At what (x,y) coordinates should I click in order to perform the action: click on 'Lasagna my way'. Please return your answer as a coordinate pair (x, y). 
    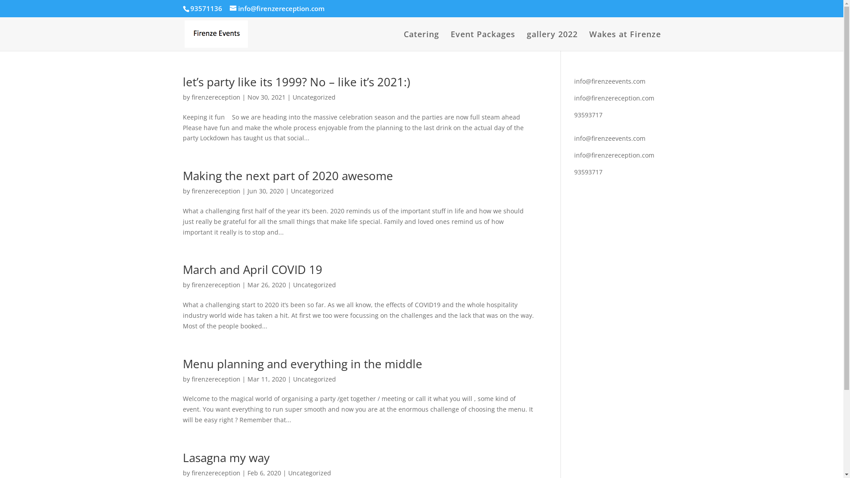
    Looking at the image, I should click on (225, 457).